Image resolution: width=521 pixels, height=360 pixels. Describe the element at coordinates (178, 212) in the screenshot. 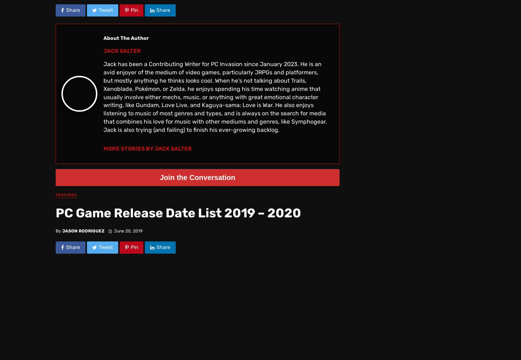

I see `'PC Game Release Date List 2019 – 2020'` at that location.